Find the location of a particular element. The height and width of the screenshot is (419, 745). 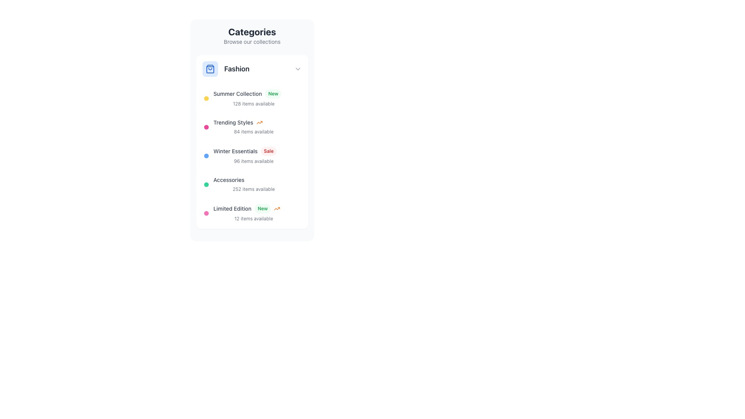

informational text label indicating the number of items available in the 'Trending Styles' category, which is positioned directly beneath the 'Trending Styles' label in the 'Categories > Fashion' section is located at coordinates (253, 131).